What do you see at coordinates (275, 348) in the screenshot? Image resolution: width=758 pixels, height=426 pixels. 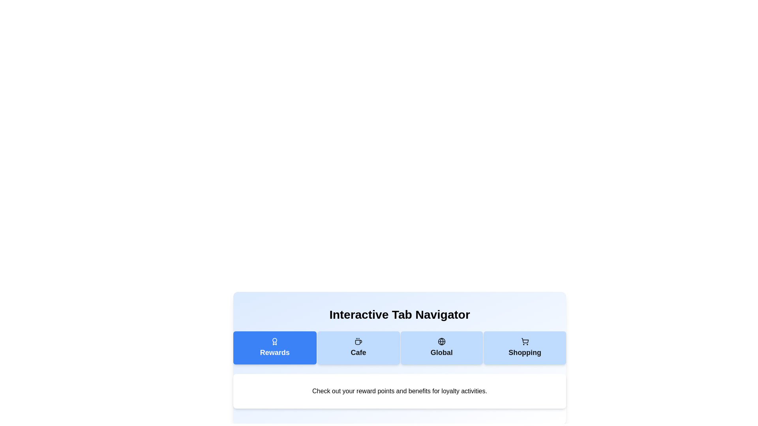 I see `the tab labeled Rewards to observe its icon` at bounding box center [275, 348].